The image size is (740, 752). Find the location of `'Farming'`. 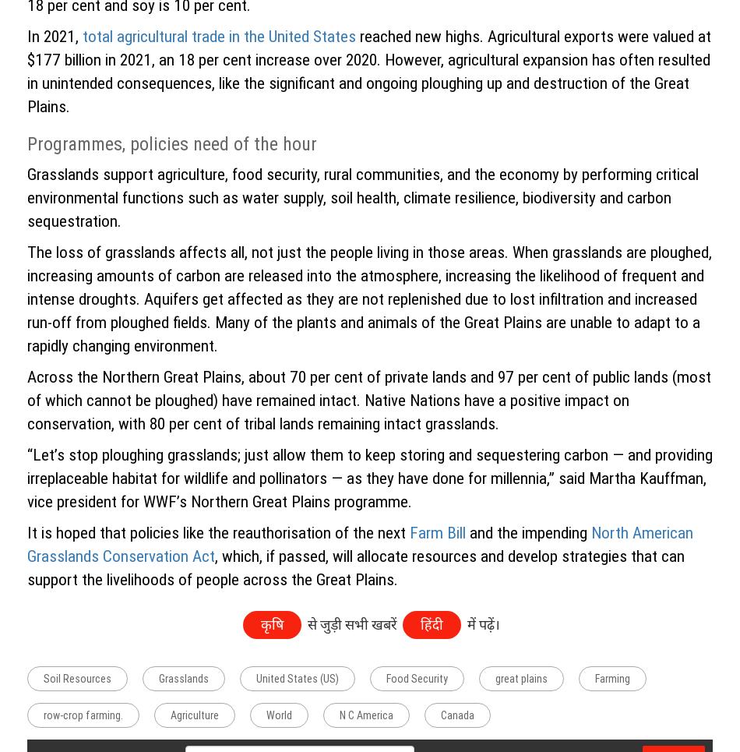

'Farming' is located at coordinates (611, 678).